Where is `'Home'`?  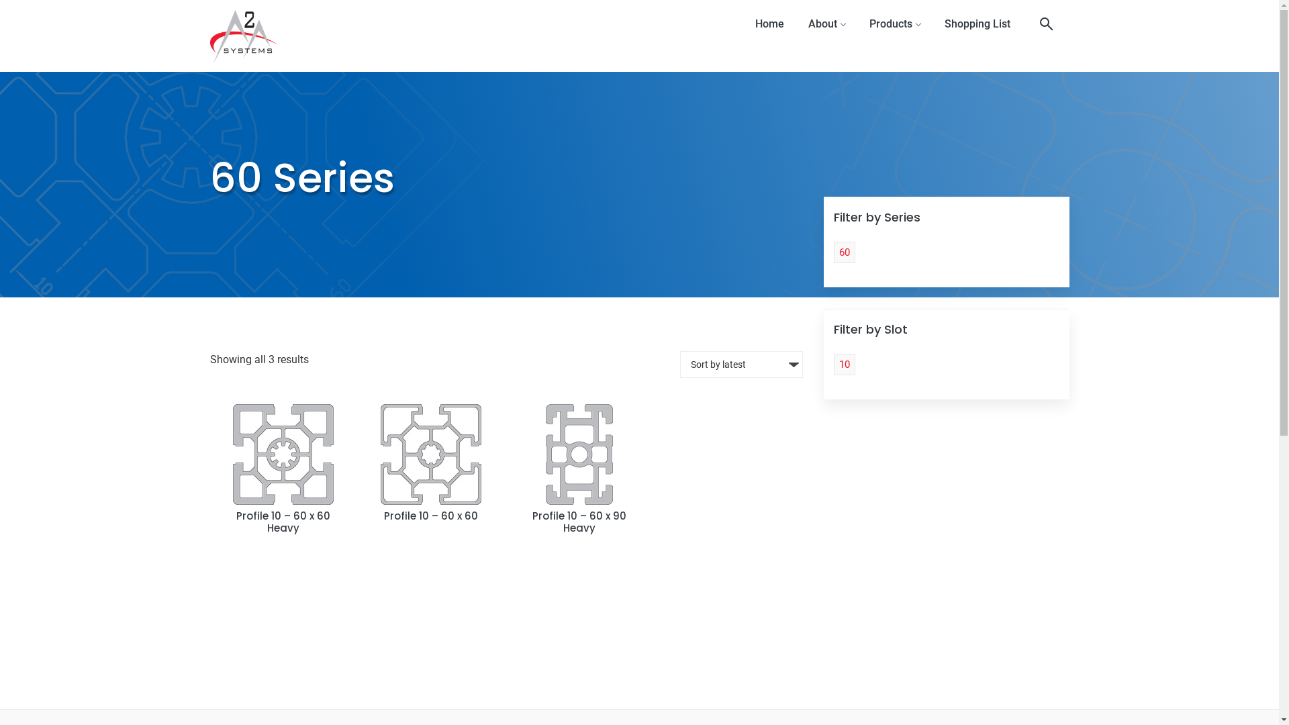 'Home' is located at coordinates (769, 23).